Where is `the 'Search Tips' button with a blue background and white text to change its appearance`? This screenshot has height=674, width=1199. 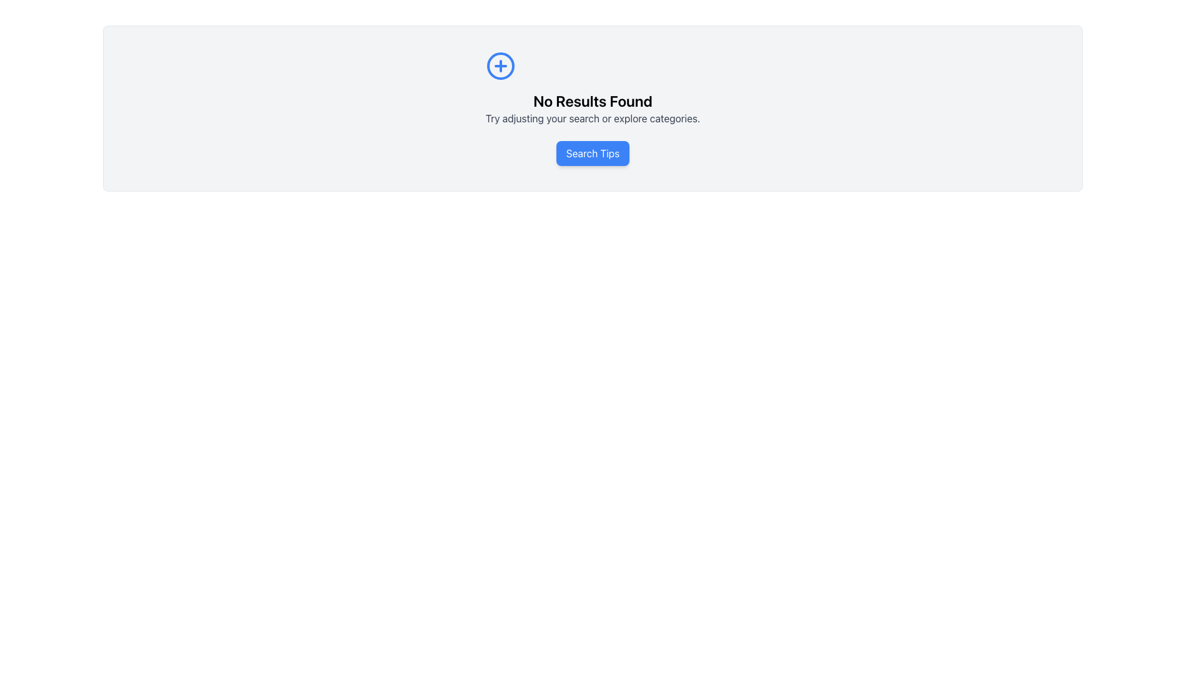
the 'Search Tips' button with a blue background and white text to change its appearance is located at coordinates (592, 153).